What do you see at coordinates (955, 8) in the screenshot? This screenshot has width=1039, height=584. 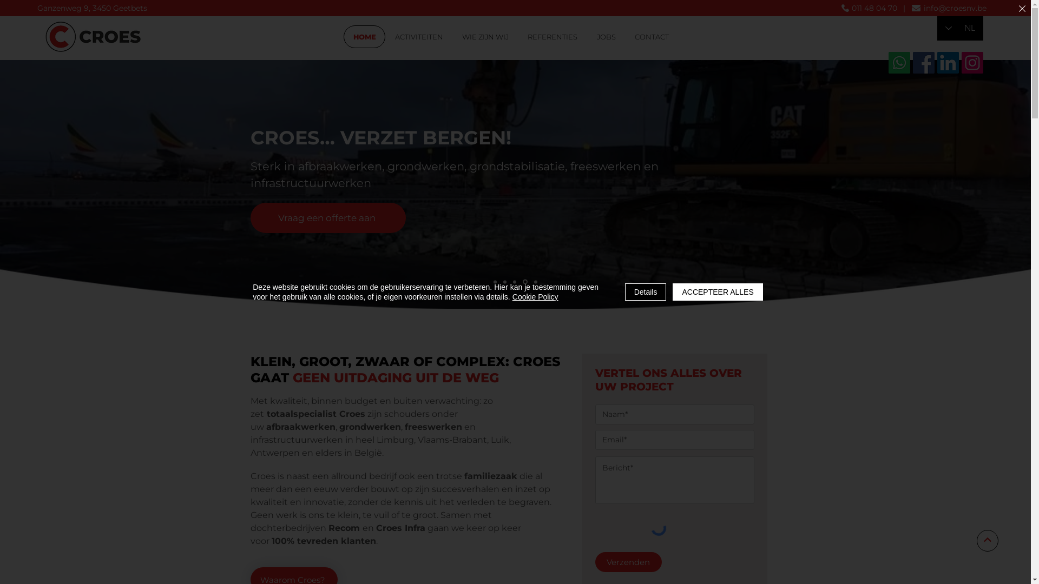 I see `'info@croesnv.be'` at bounding box center [955, 8].